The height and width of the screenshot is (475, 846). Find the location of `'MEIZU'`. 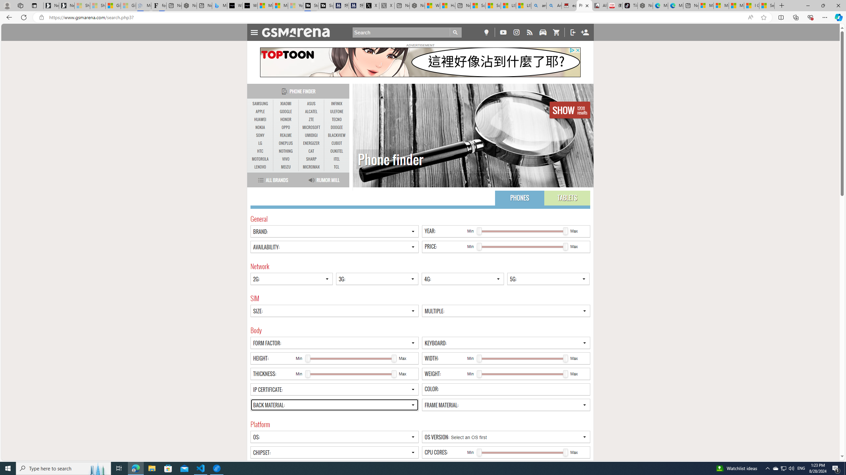

'MEIZU' is located at coordinates (286, 167).